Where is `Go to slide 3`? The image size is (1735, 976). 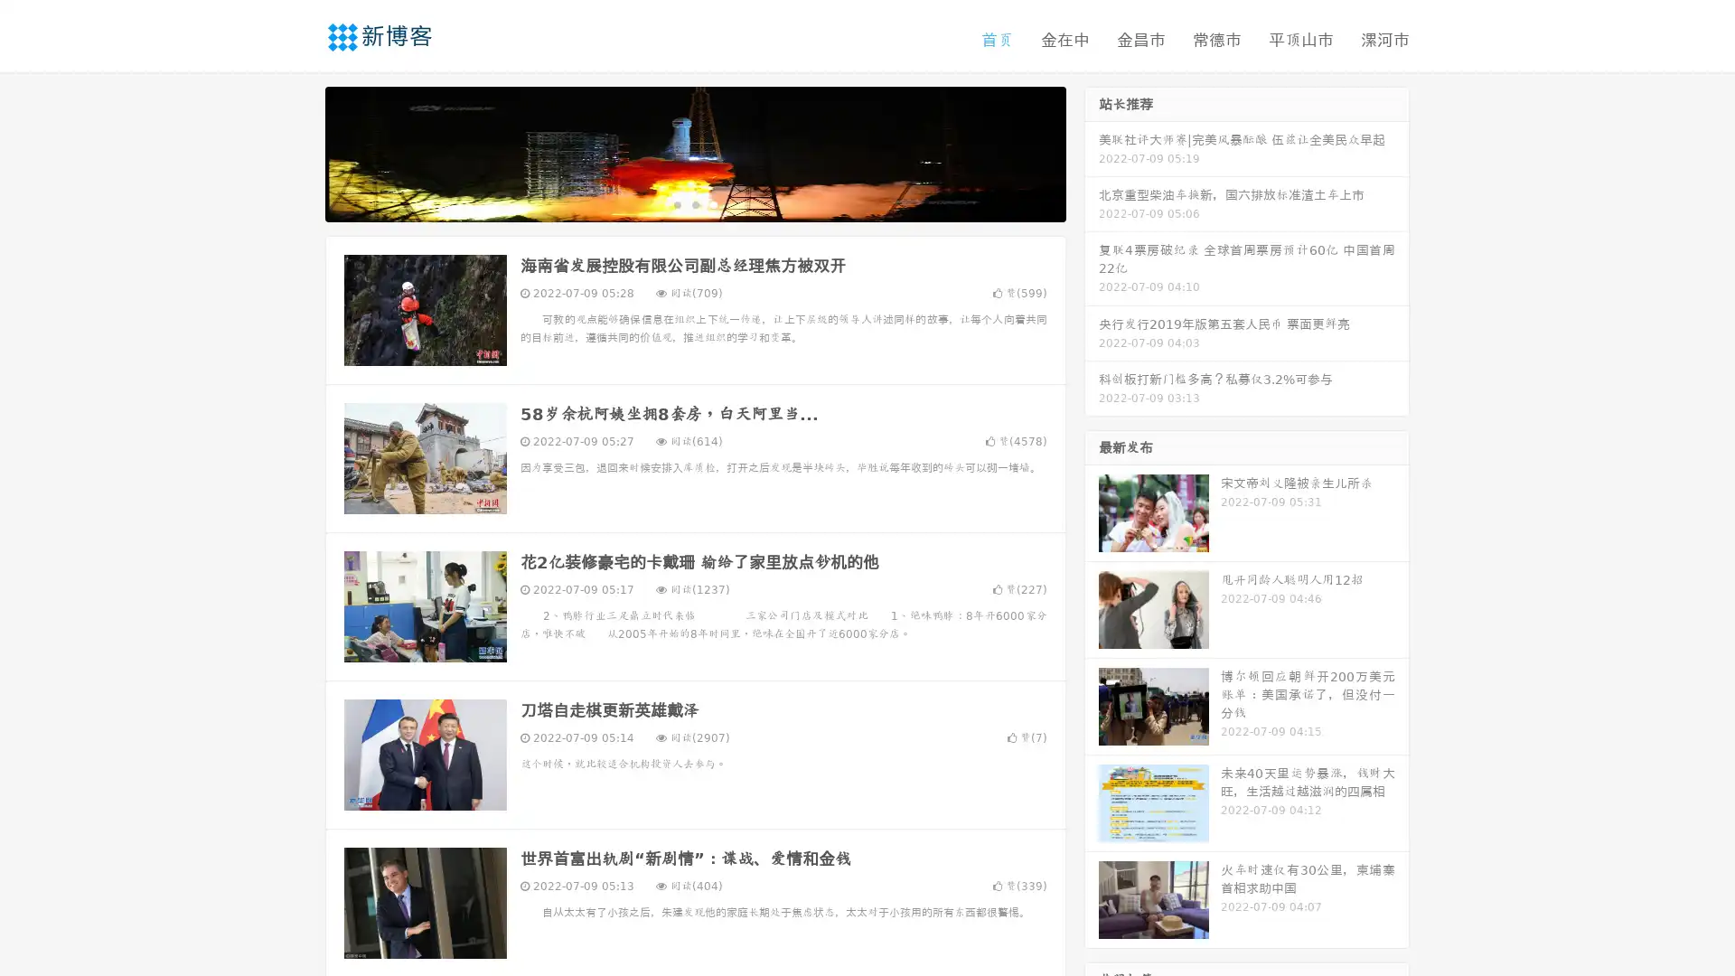
Go to slide 3 is located at coordinates (713, 203).